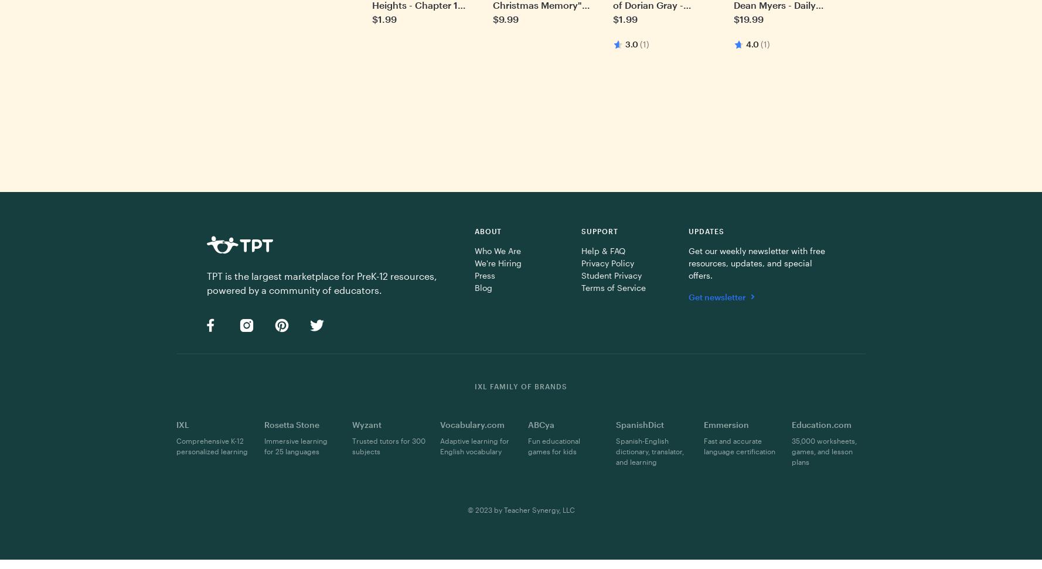 This screenshot has width=1042, height=569. Describe the element at coordinates (614, 287) in the screenshot. I see `'Terms of Service'` at that location.